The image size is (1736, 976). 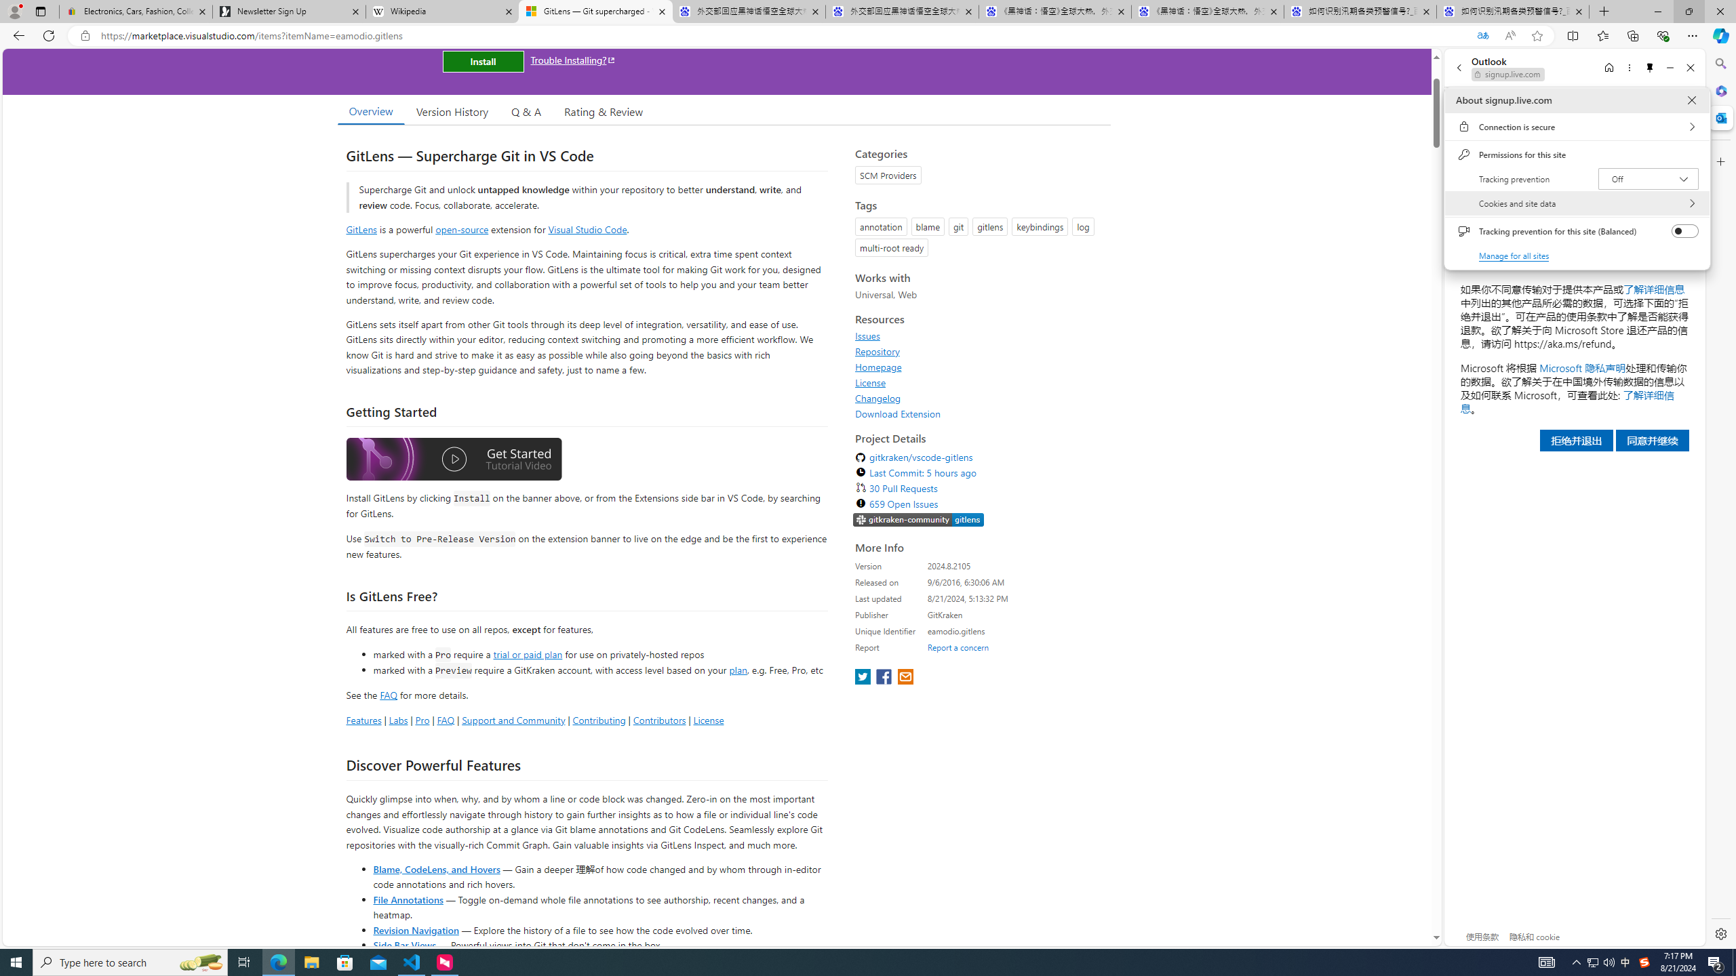 I want to click on 'Q2790: 100%', so click(x=1609, y=961).